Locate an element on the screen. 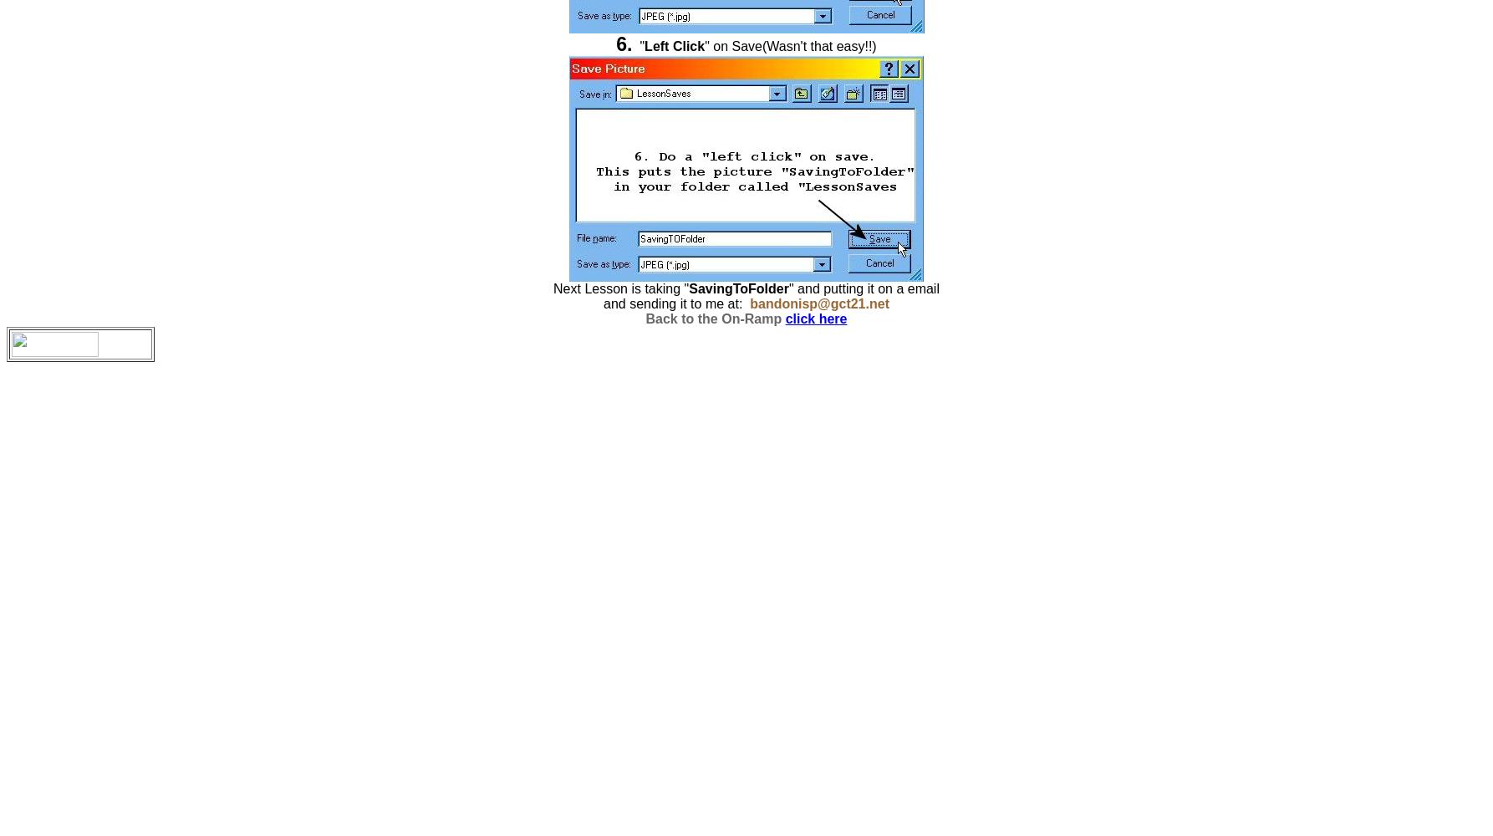  'Next Lesson is taking "' is located at coordinates (553, 288).